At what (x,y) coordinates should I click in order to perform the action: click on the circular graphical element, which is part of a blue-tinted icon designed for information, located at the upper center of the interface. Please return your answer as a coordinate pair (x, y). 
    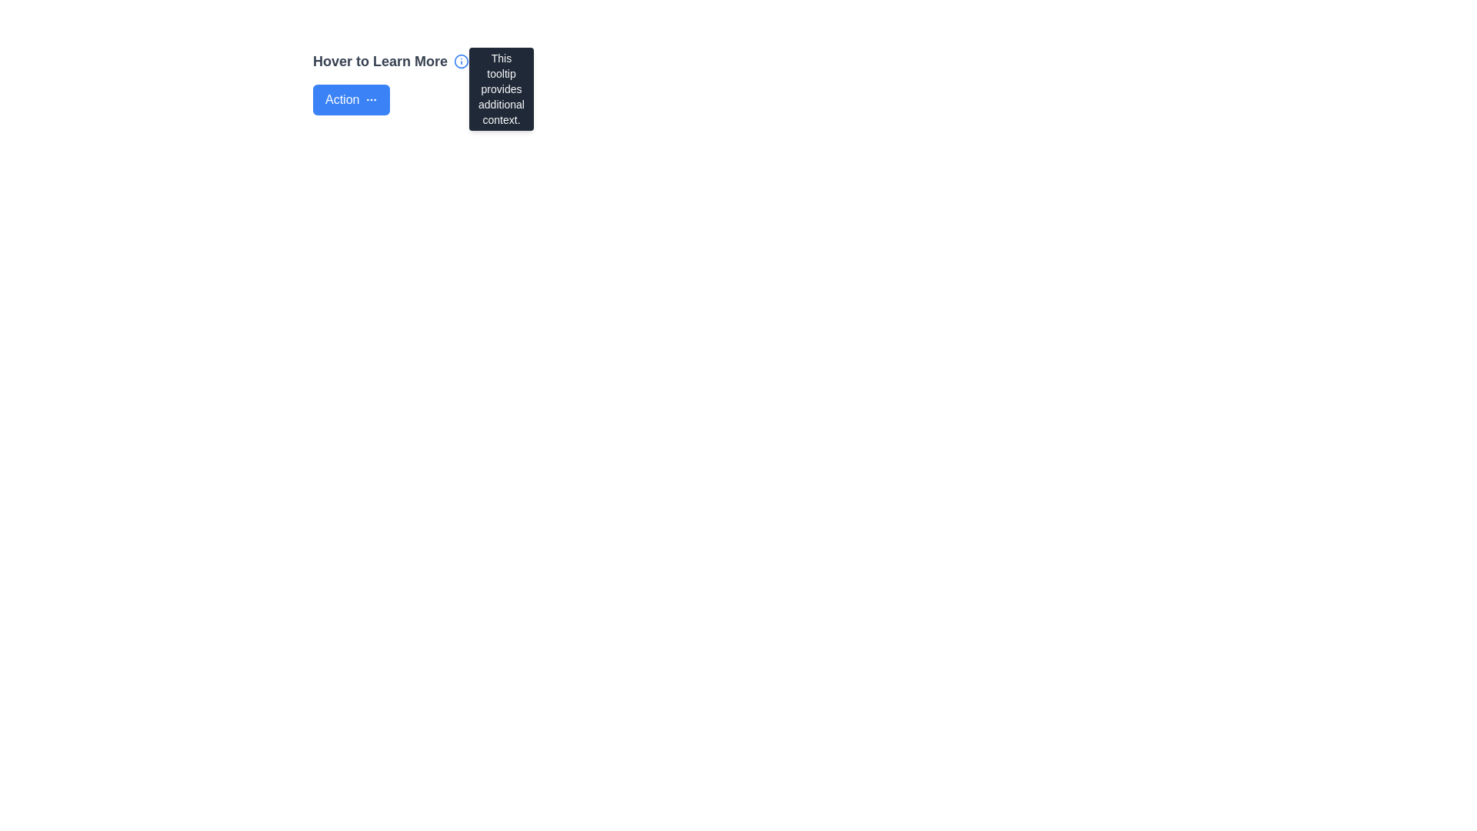
    Looking at the image, I should click on (461, 61).